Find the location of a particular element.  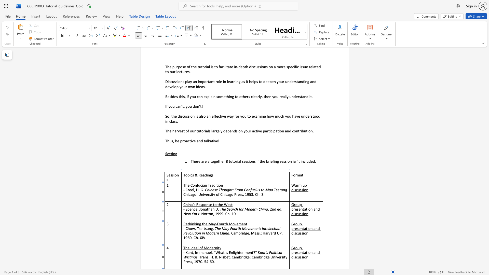

the space between the continuous character "G" and "r" in the text is located at coordinates (293, 248).